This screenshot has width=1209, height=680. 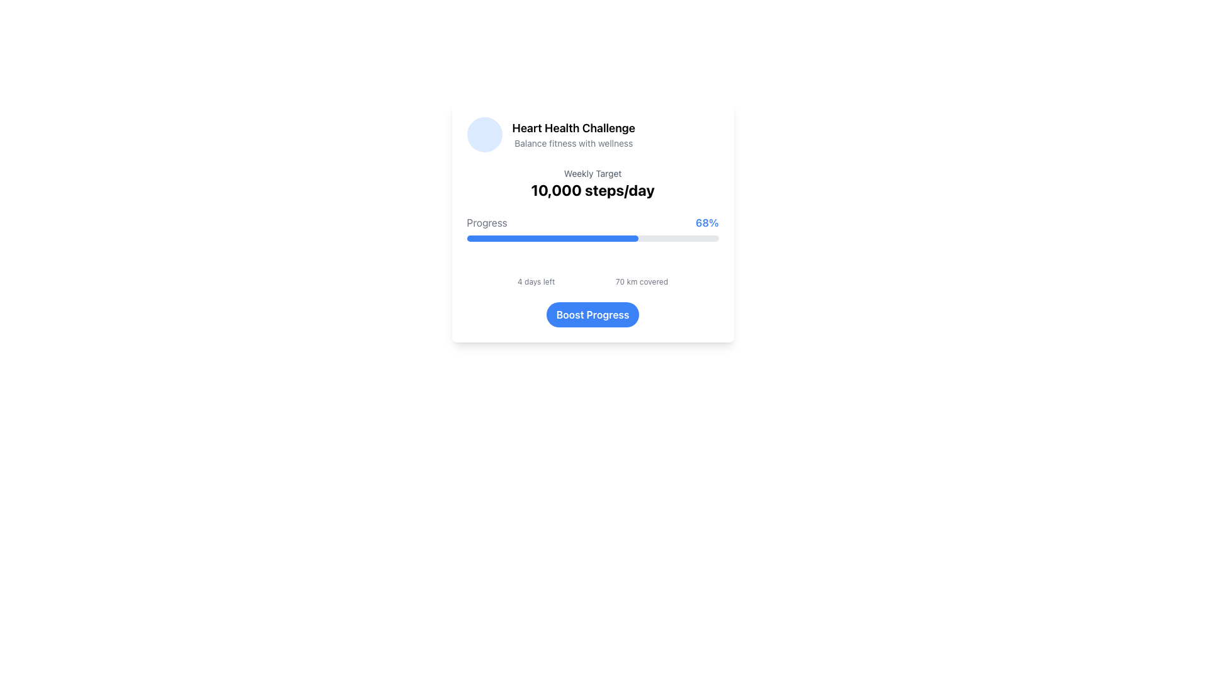 What do you see at coordinates (536, 281) in the screenshot?
I see `the text label displaying '4 days left', which is styled in a small, gray font and located beneath the calendar icon in the fitness challenge interface` at bounding box center [536, 281].